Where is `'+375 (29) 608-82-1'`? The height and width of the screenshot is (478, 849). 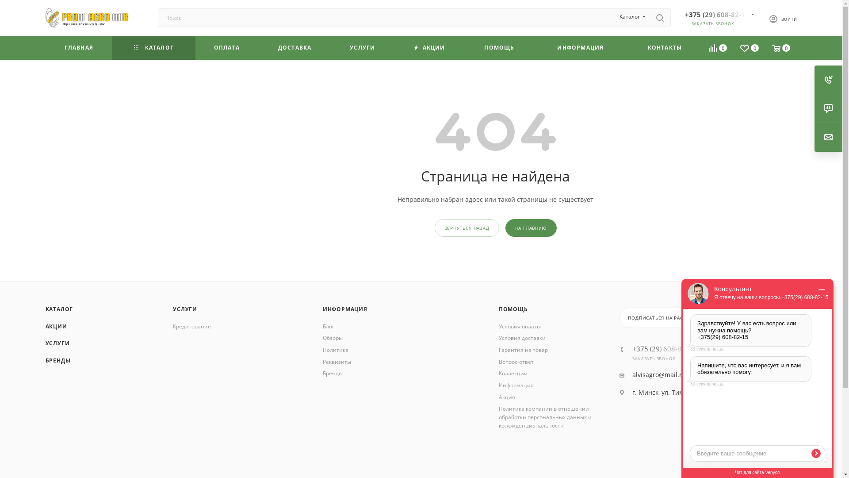 '+375 (29) 608-82-1' is located at coordinates (716, 15).